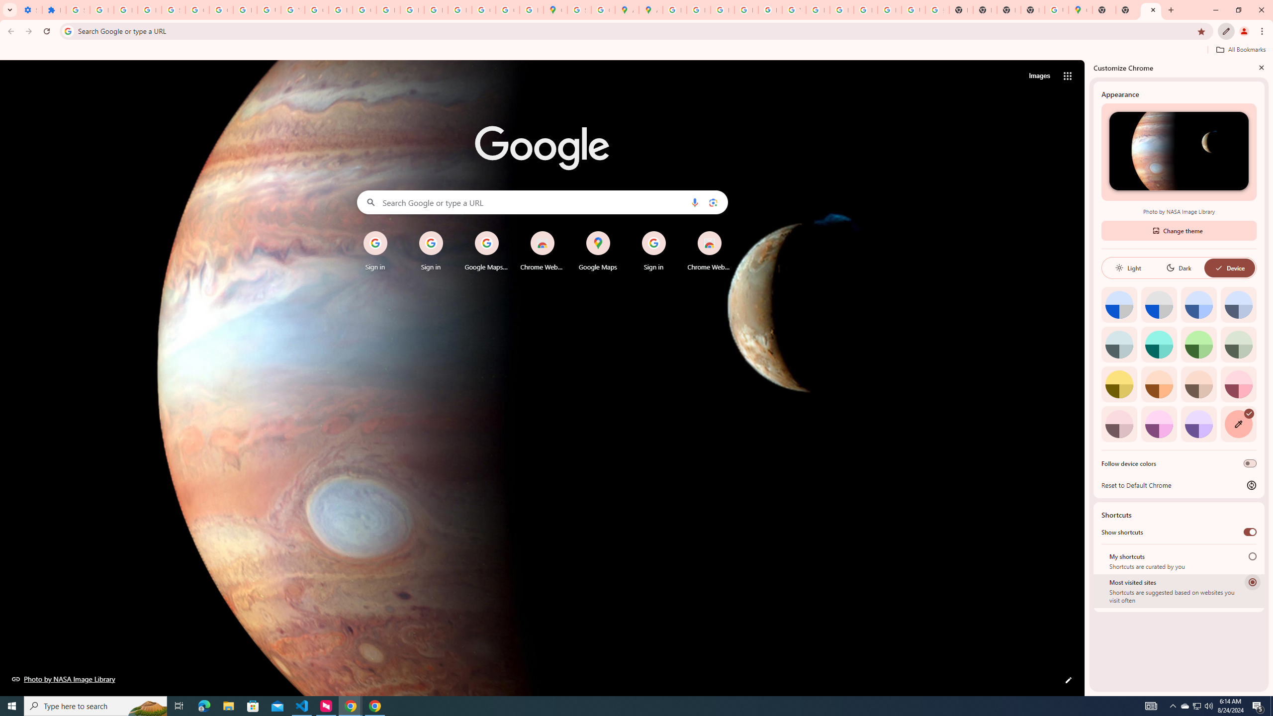  What do you see at coordinates (699, 9) in the screenshot?
I see `'Privacy Help Center - Policies Help'` at bounding box center [699, 9].